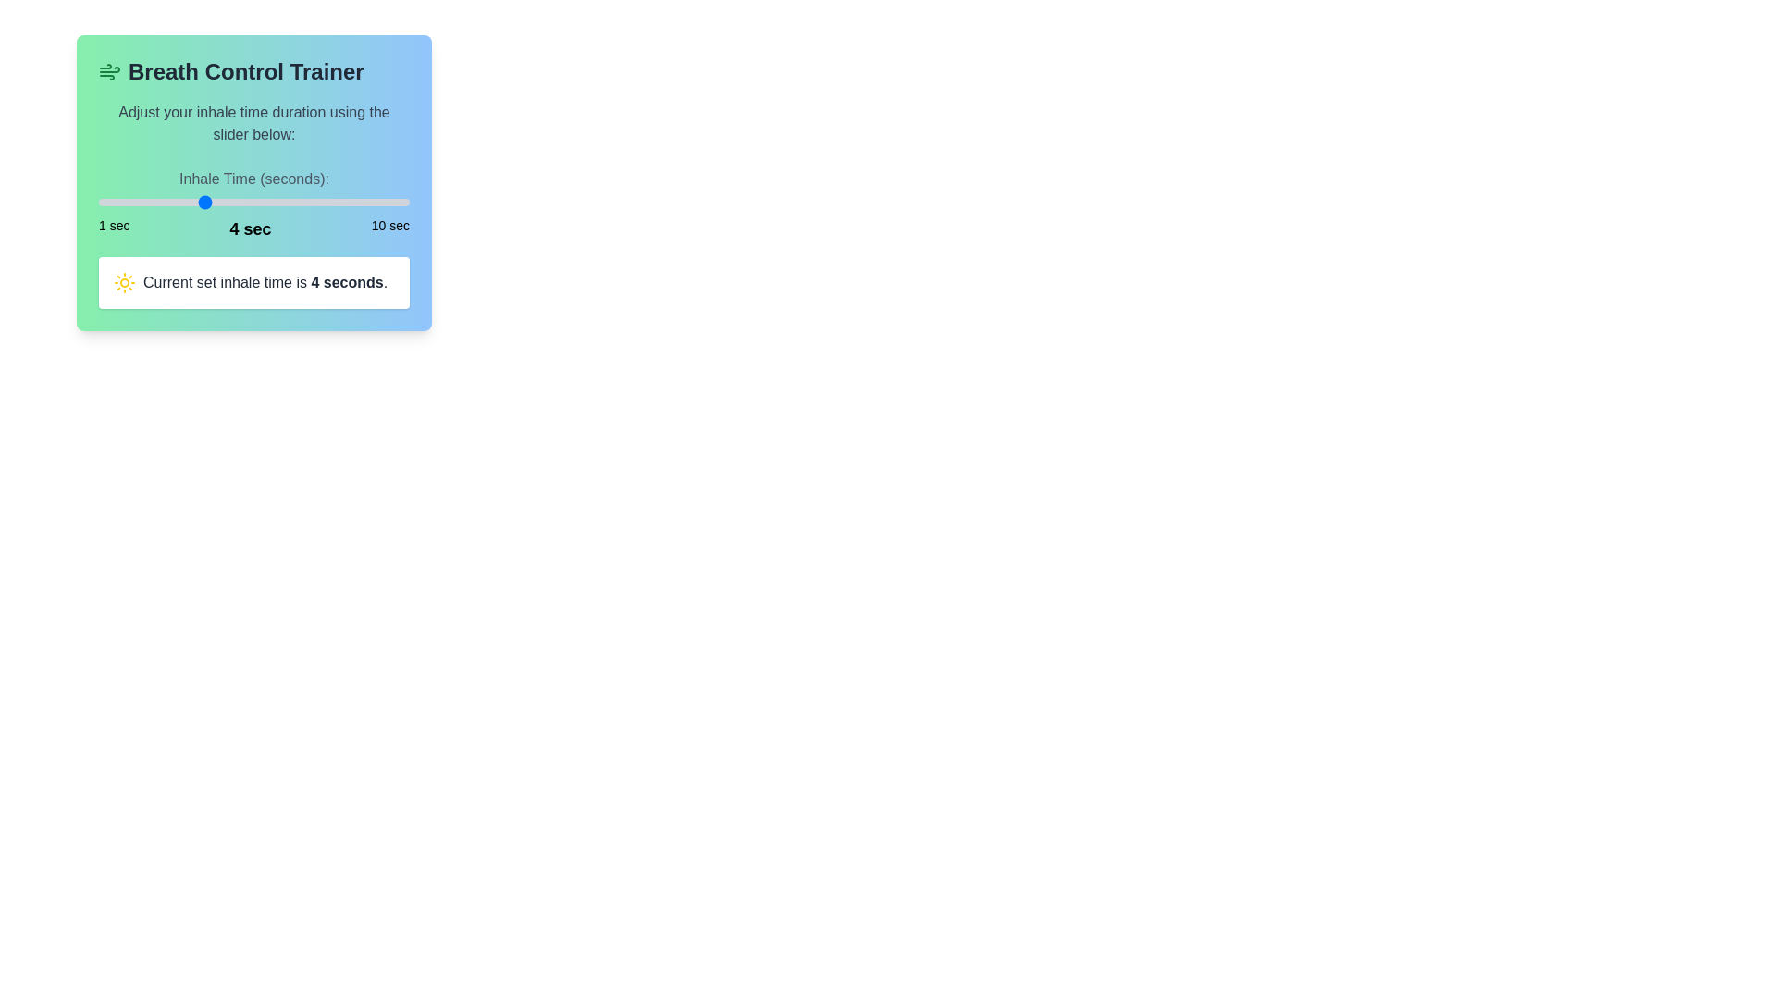 This screenshot has width=1776, height=999. I want to click on the inhale time to 7 seconds using the slider, so click(306, 203).